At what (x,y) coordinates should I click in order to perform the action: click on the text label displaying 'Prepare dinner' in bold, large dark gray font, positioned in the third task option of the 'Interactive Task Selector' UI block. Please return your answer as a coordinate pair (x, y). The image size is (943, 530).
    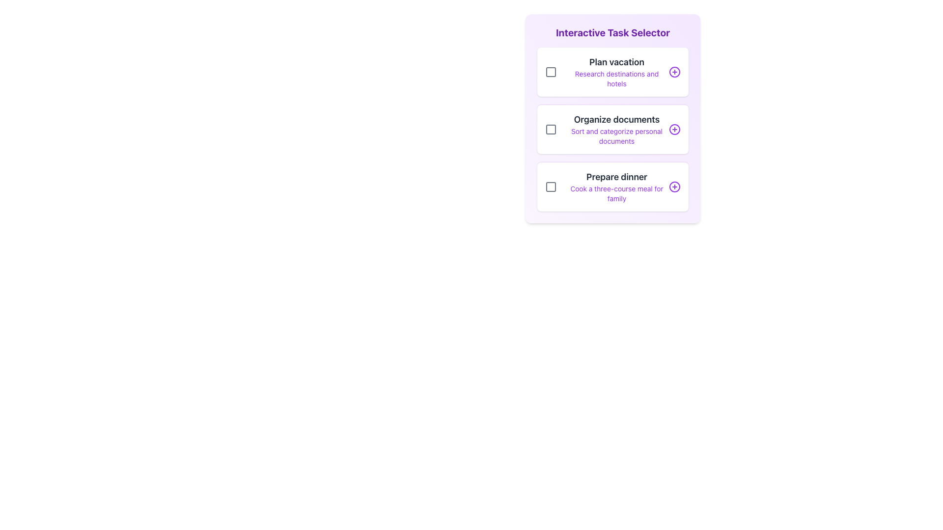
    Looking at the image, I should click on (616, 177).